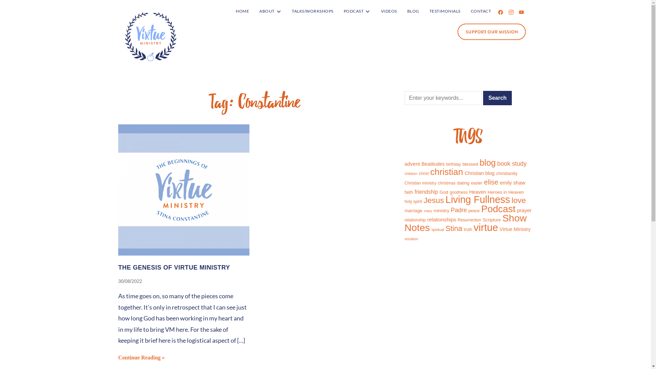 The height and width of the screenshot is (369, 656). What do you see at coordinates (413, 210) in the screenshot?
I see `'marriage'` at bounding box center [413, 210].